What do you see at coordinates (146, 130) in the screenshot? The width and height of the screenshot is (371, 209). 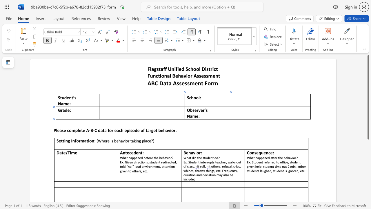 I see `the 3th character "t" in the text` at bounding box center [146, 130].